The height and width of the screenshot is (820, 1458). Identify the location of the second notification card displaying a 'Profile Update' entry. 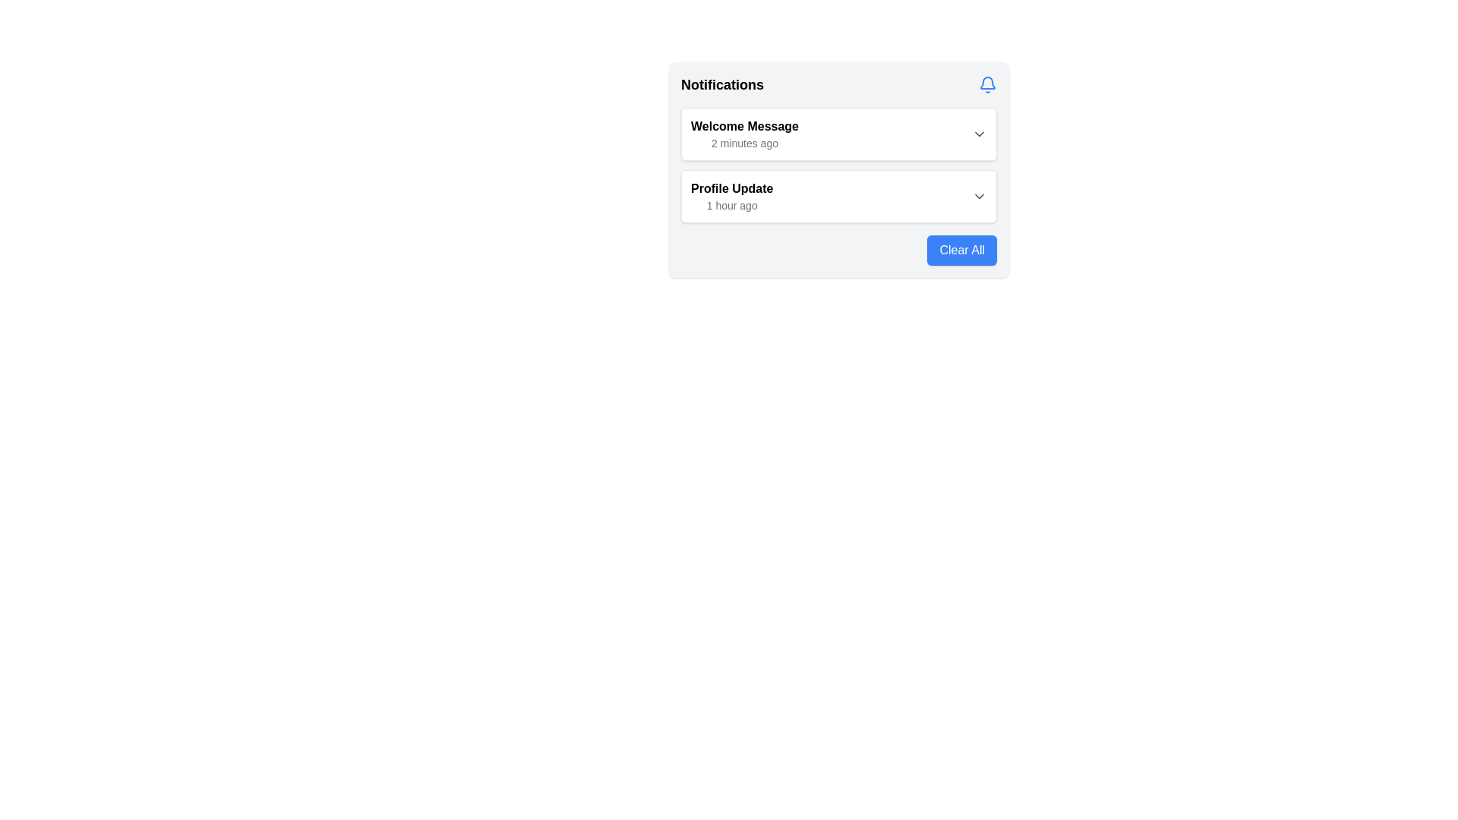
(838, 195).